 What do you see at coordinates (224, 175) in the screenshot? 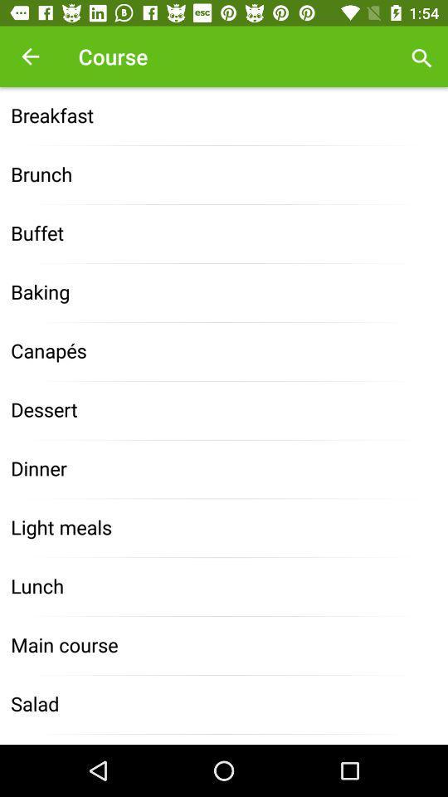
I see `icon below the breakfast item` at bounding box center [224, 175].